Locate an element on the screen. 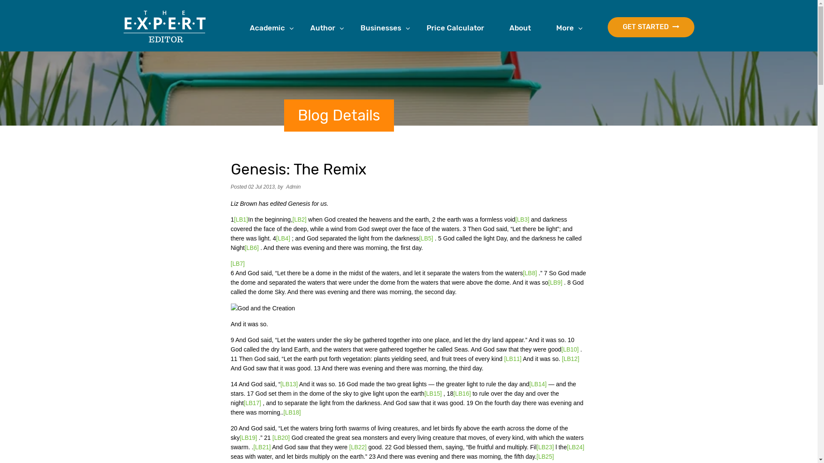 This screenshot has height=463, width=824. '[LB2]' is located at coordinates (300, 219).